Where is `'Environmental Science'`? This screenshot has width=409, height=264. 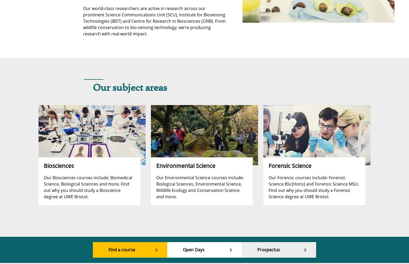 'Environmental Science' is located at coordinates (156, 166).